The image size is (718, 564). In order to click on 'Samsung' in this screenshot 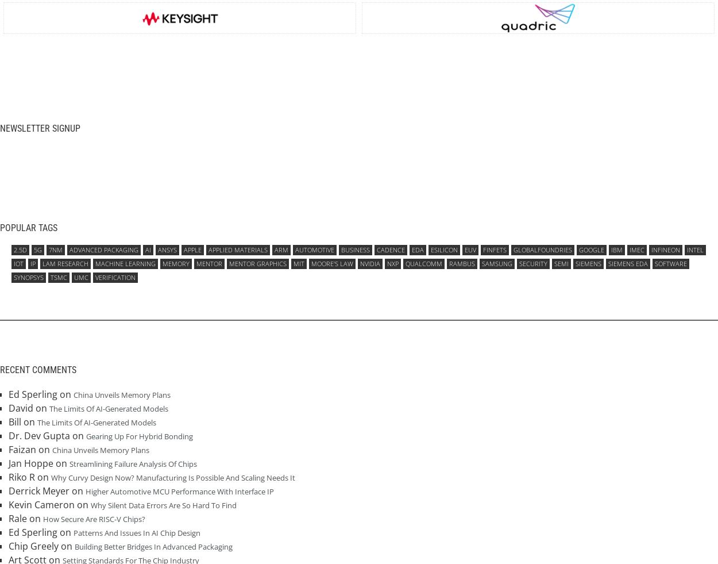, I will do `click(496, 263)`.